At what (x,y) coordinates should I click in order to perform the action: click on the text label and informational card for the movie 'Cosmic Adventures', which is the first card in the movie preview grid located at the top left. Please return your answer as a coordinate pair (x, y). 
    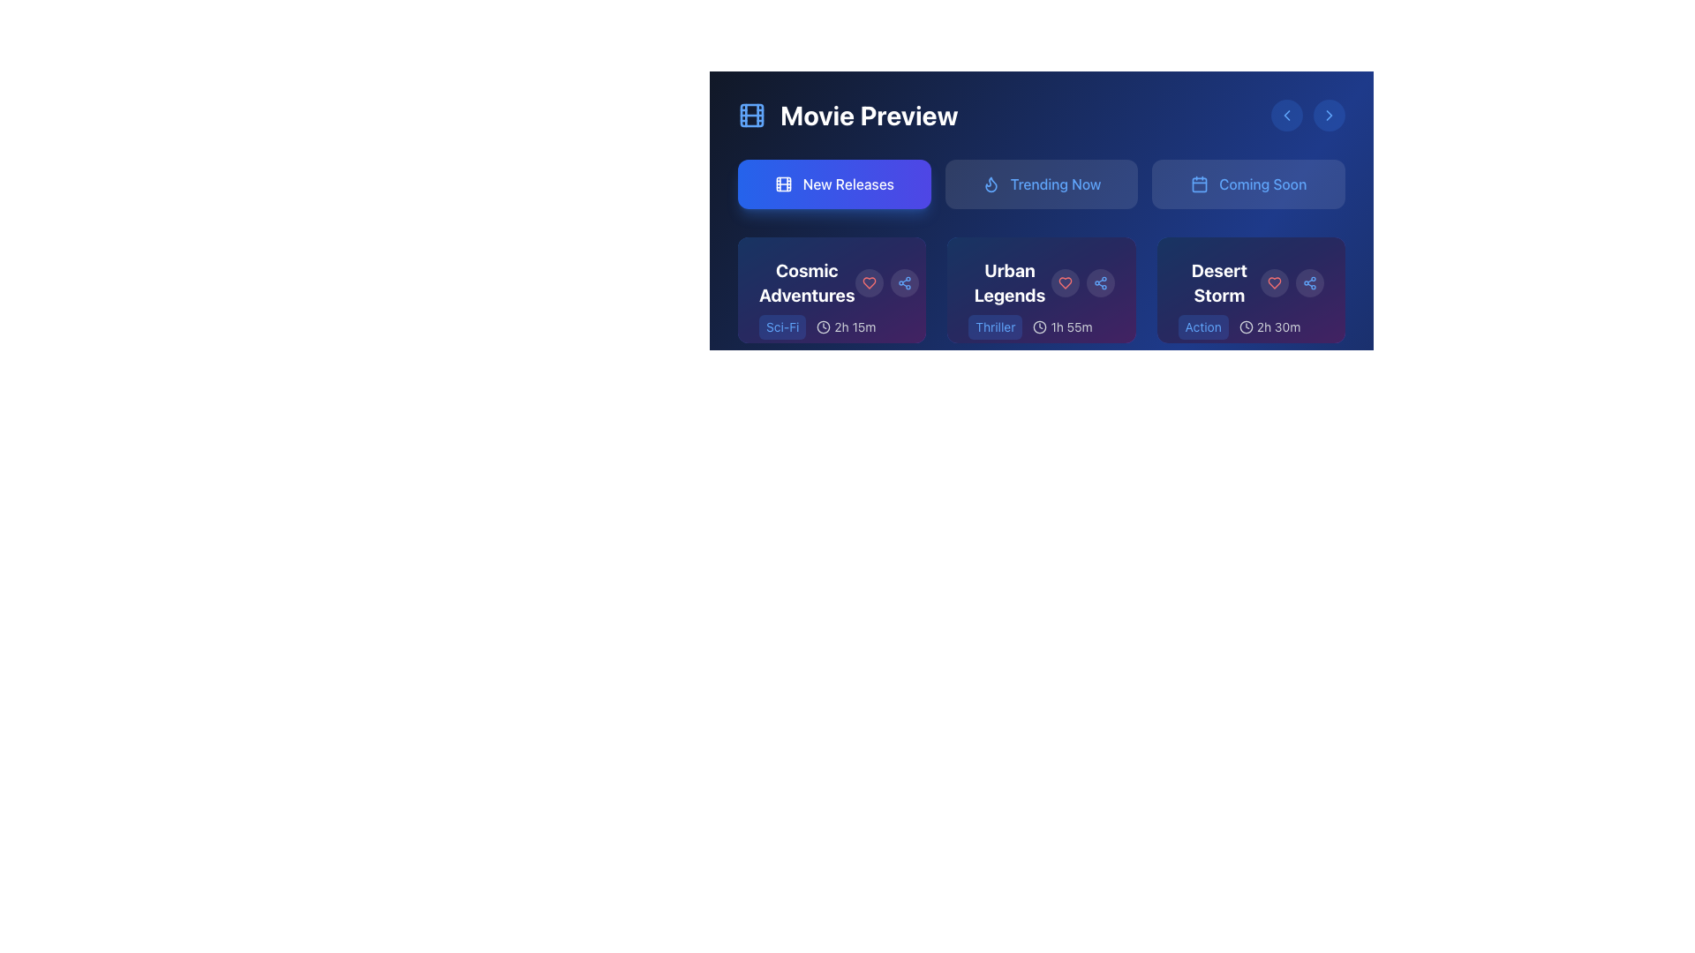
    Looking at the image, I should click on (831, 319).